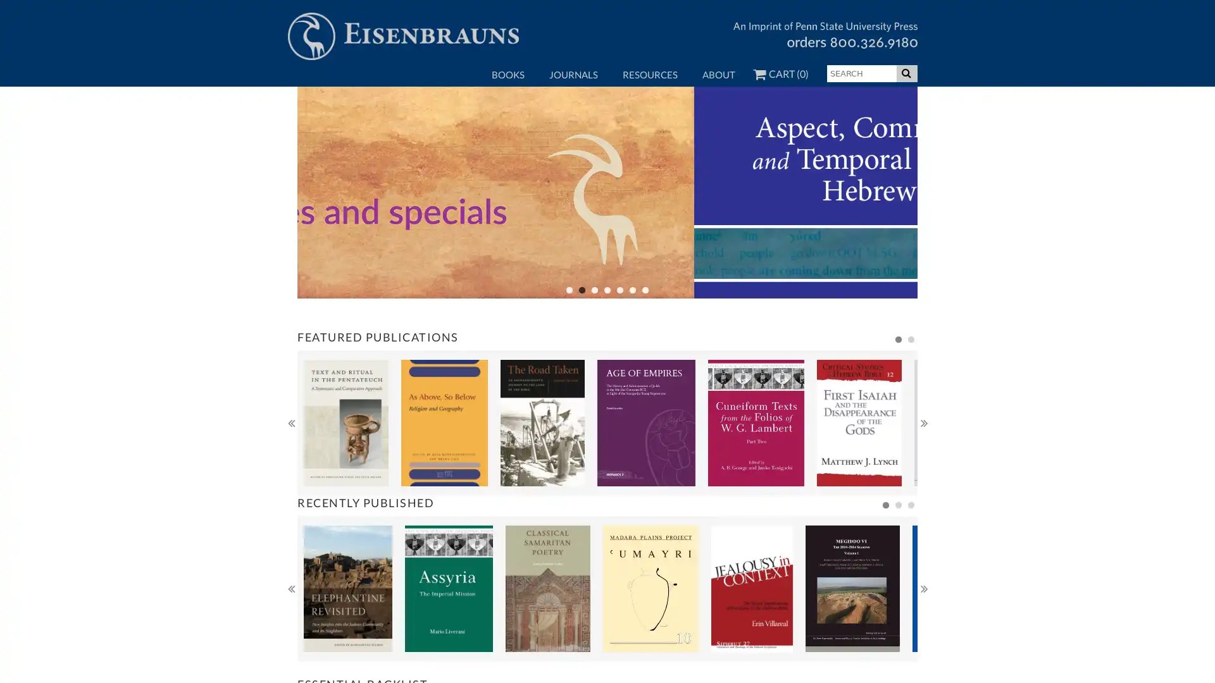  I want to click on Previous, so click(290, 471).